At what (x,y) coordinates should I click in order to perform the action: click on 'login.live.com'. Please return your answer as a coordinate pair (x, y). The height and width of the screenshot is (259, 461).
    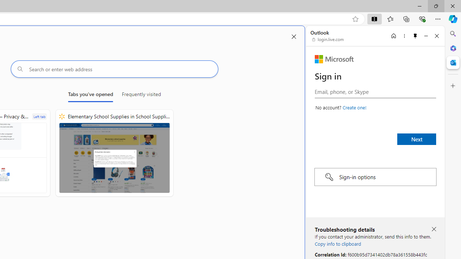
    Looking at the image, I should click on (328, 40).